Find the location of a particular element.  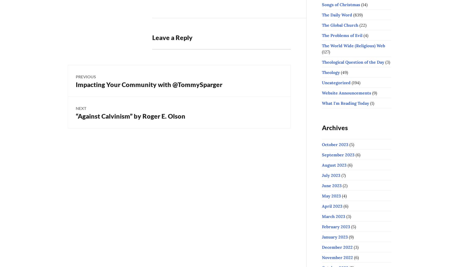

'September 2023' is located at coordinates (321, 154).